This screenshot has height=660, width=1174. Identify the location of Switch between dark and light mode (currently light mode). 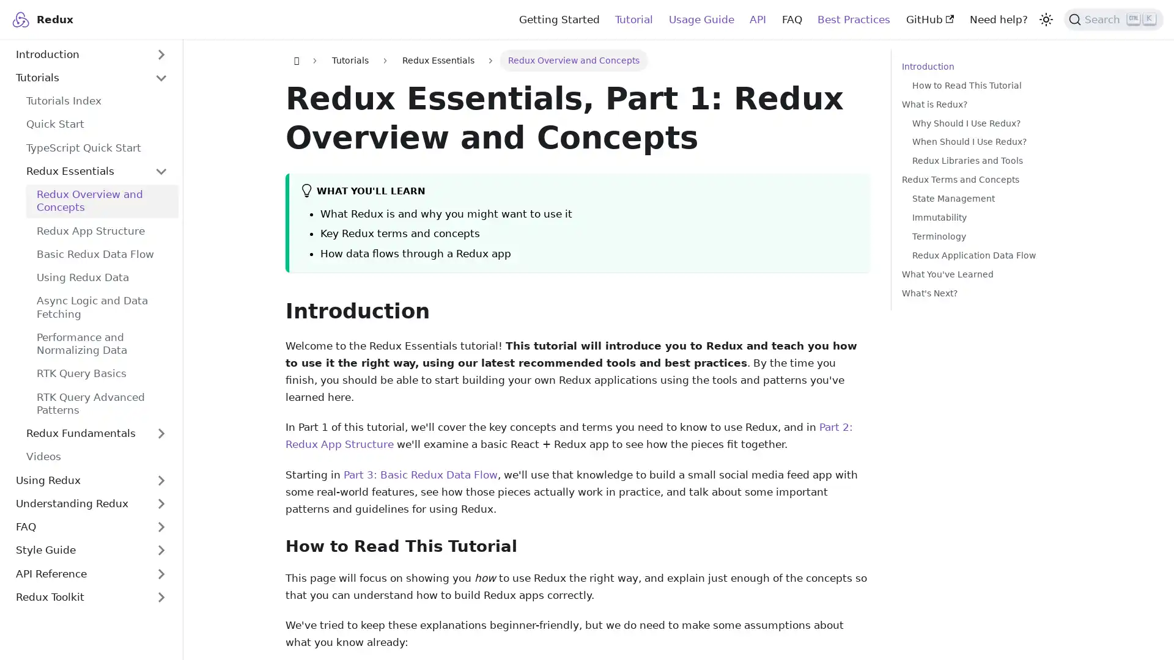
(1044, 18).